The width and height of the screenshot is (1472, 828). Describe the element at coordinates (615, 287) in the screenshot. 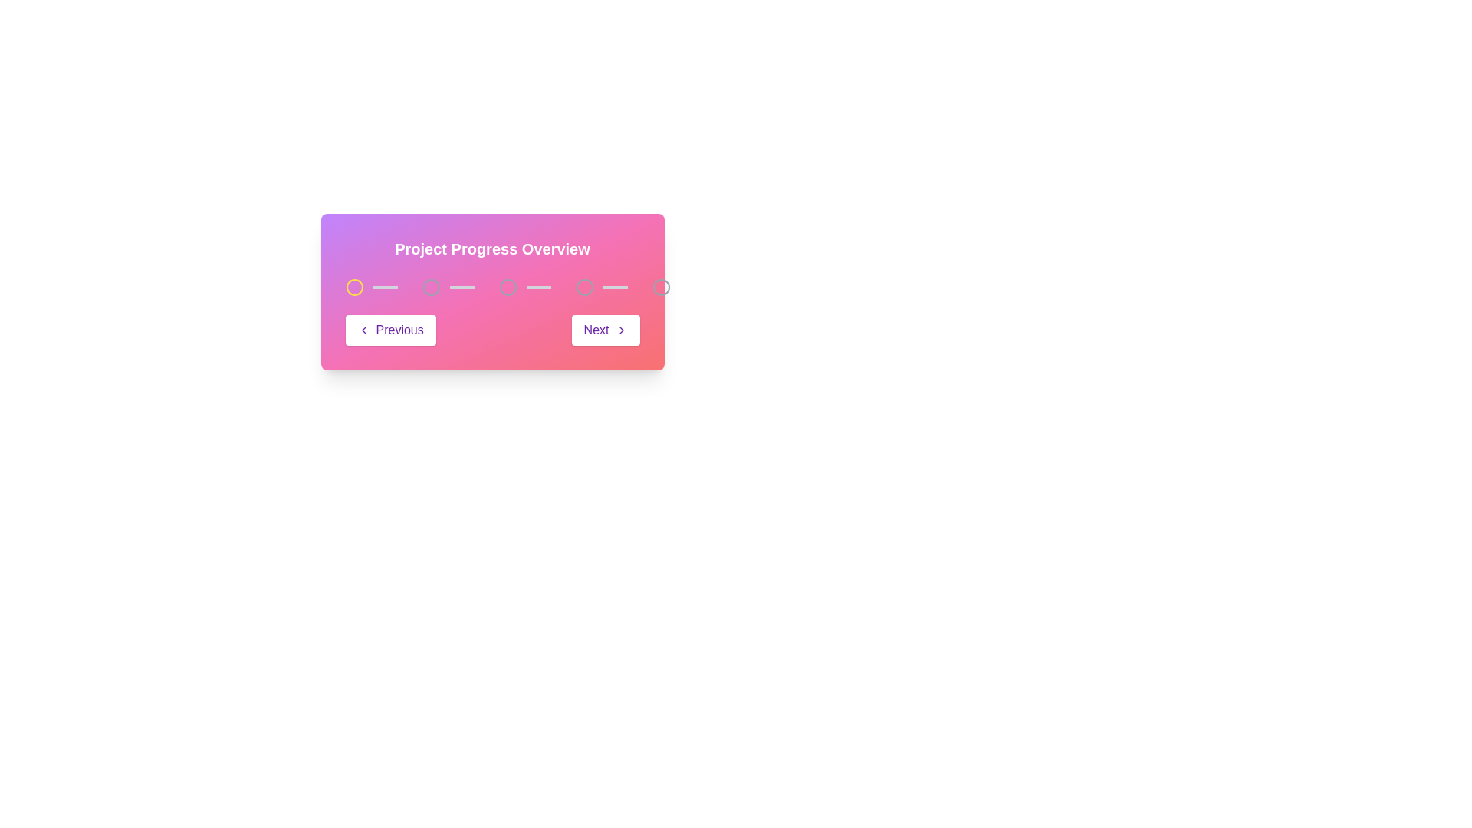

I see `the decorative horizontal line element that visually connects the third and fourth progress nodes in the progress tracker` at that location.